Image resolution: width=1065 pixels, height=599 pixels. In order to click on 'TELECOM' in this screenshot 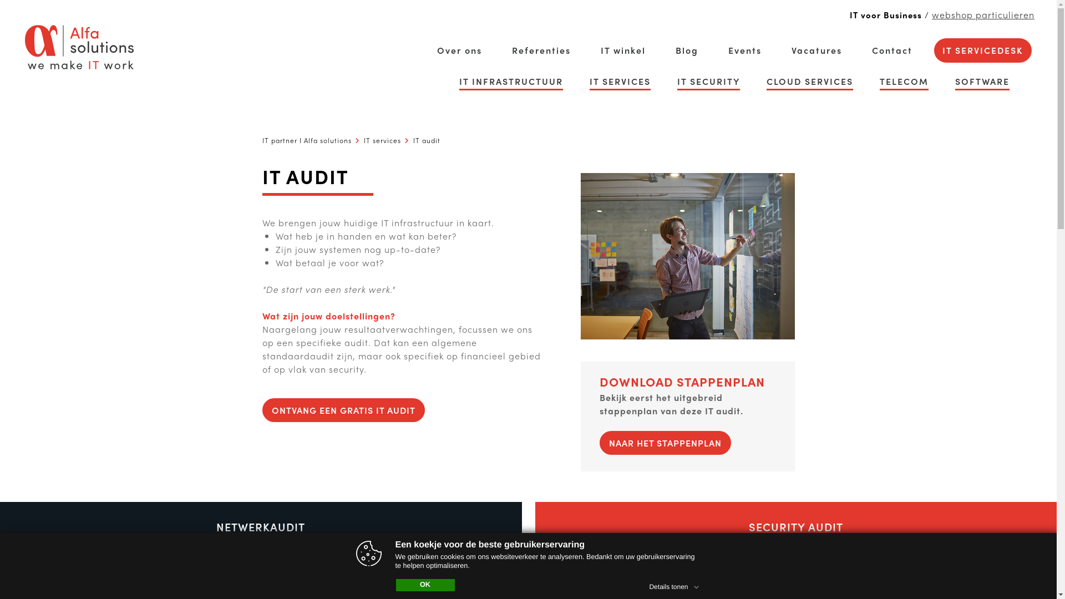, I will do `click(904, 80)`.